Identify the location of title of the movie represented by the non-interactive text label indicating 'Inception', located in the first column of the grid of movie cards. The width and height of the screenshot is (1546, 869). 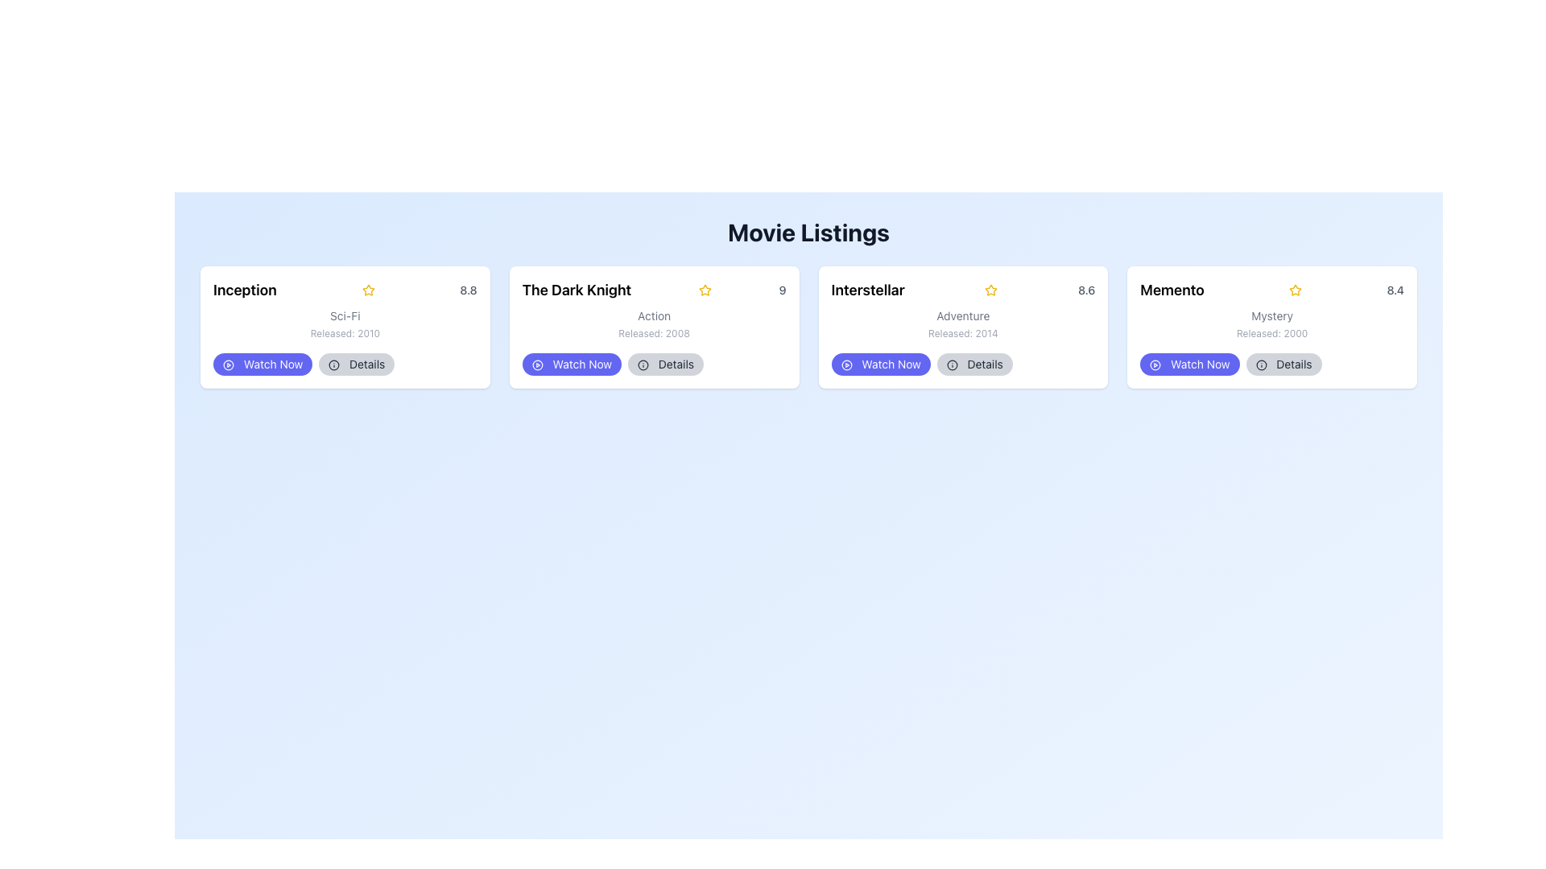
(244, 290).